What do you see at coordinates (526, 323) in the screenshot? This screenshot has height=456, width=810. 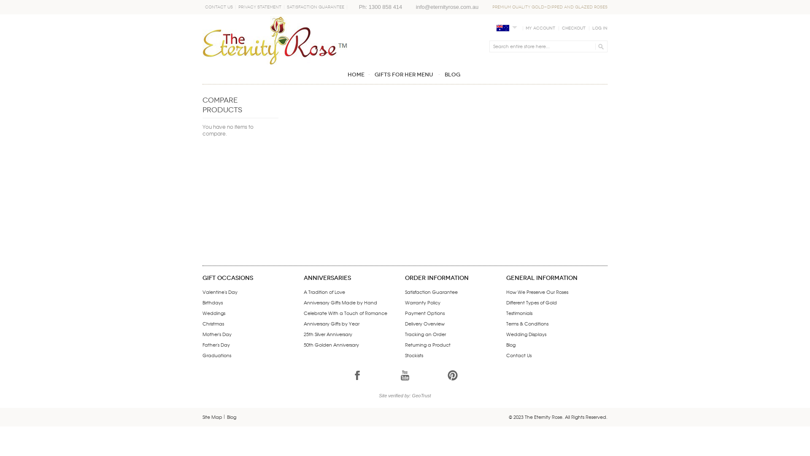 I see `'Terms & Conditions'` at bounding box center [526, 323].